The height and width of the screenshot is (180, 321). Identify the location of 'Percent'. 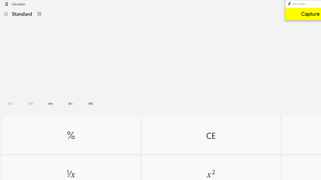
(70, 135).